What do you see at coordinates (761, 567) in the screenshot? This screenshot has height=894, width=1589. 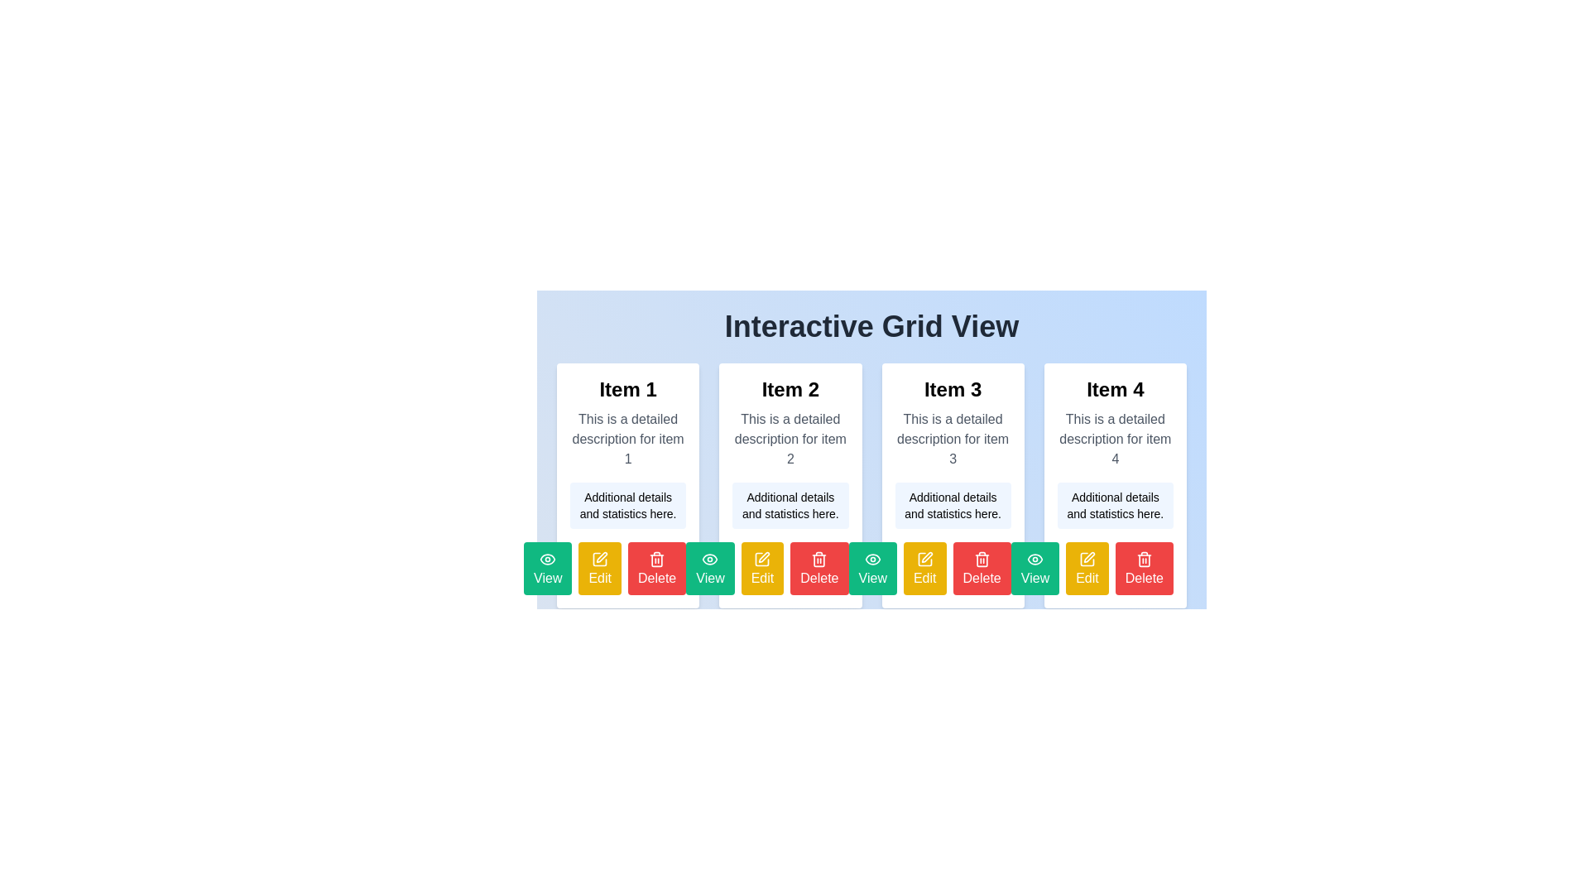 I see `the 'Edit' button with a bright yellow background and a white pencil icon` at bounding box center [761, 567].